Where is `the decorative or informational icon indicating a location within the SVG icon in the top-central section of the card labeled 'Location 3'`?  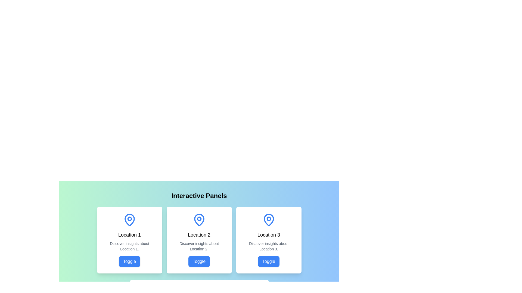 the decorative or informational icon indicating a location within the SVG icon in the top-central section of the card labeled 'Location 3' is located at coordinates (269, 220).